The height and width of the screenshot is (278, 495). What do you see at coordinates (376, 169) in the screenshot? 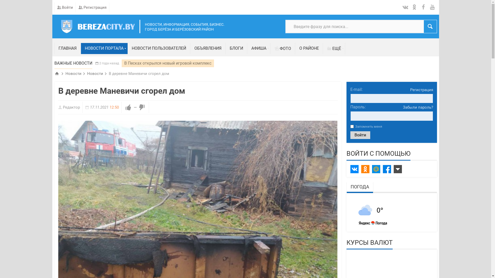
I see `'Mail.ru'` at bounding box center [376, 169].